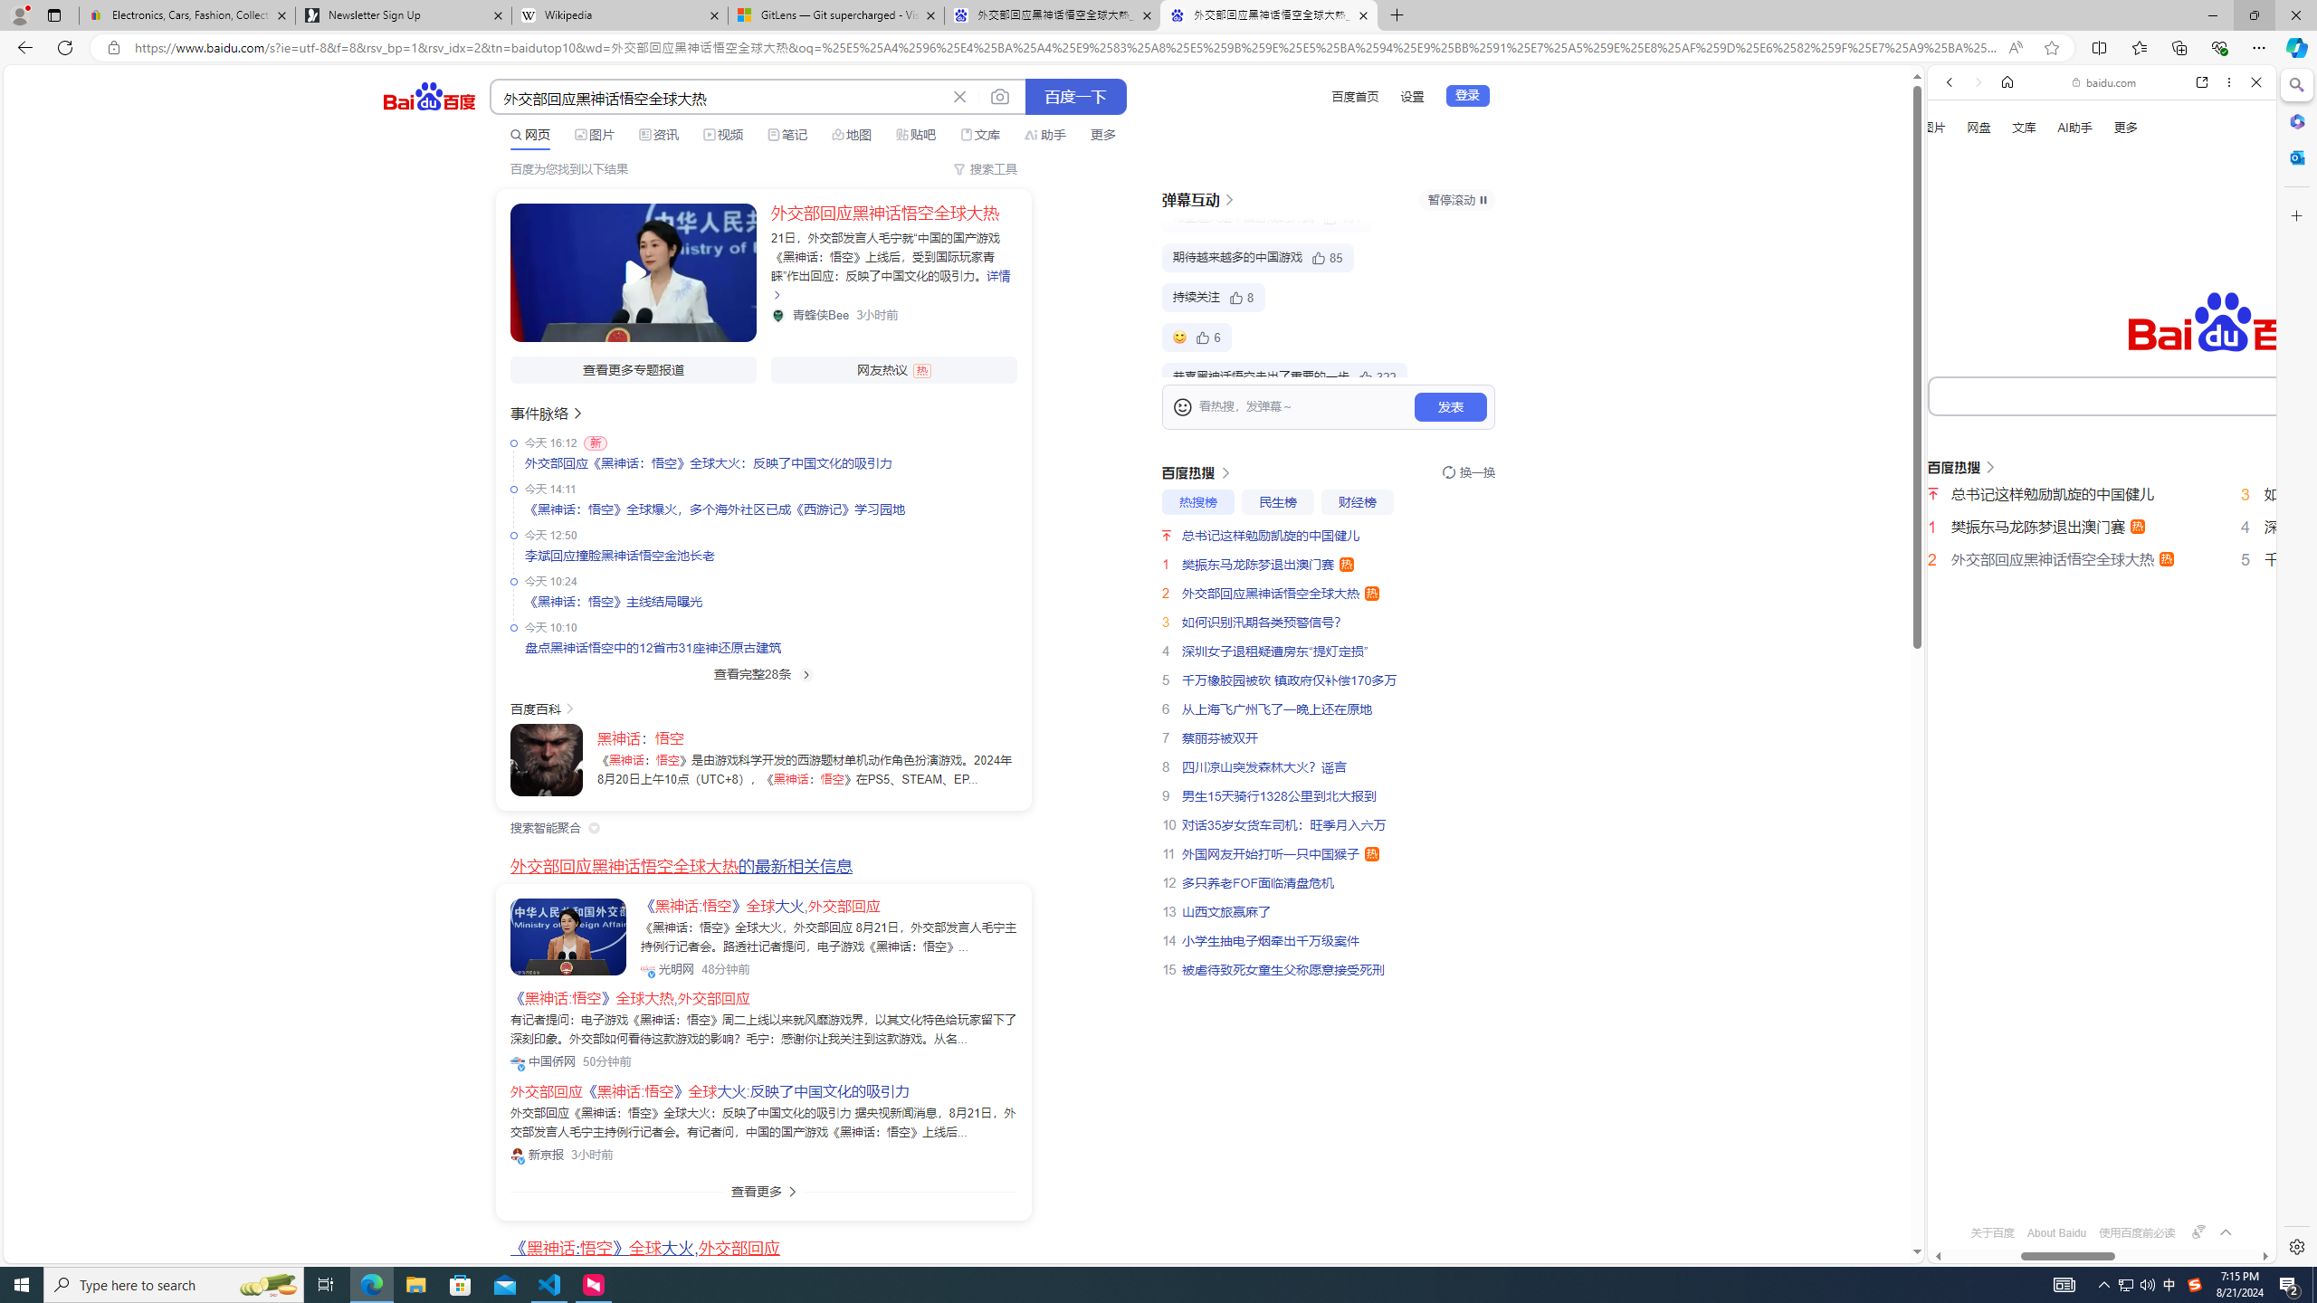 This screenshot has height=1303, width=2317. I want to click on 'IMAGES', so click(2008, 306).